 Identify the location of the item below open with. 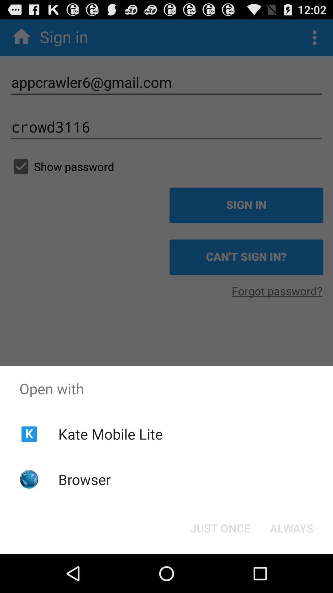
(291, 528).